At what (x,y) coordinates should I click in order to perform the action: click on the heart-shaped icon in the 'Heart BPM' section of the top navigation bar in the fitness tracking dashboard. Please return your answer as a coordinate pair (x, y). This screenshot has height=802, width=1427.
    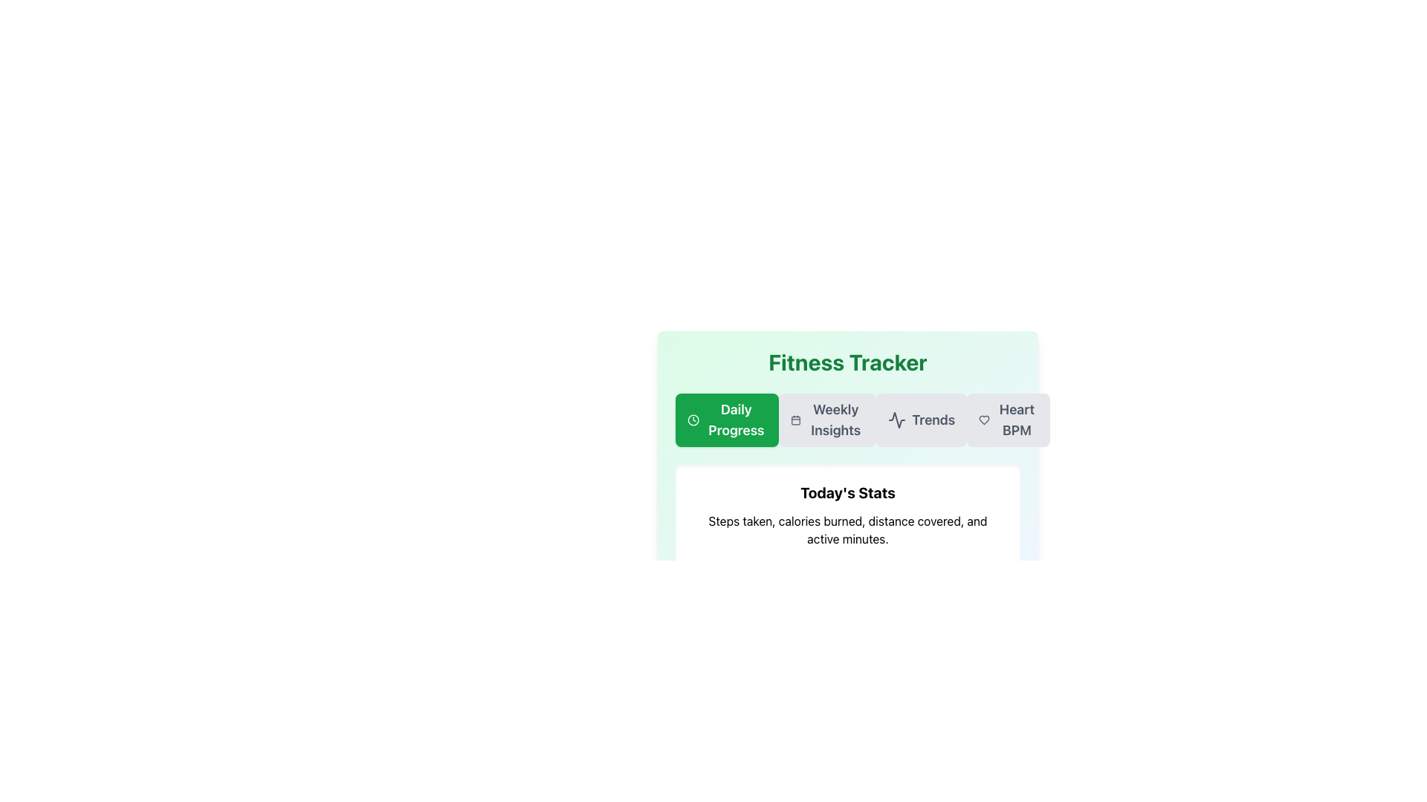
    Looking at the image, I should click on (984, 420).